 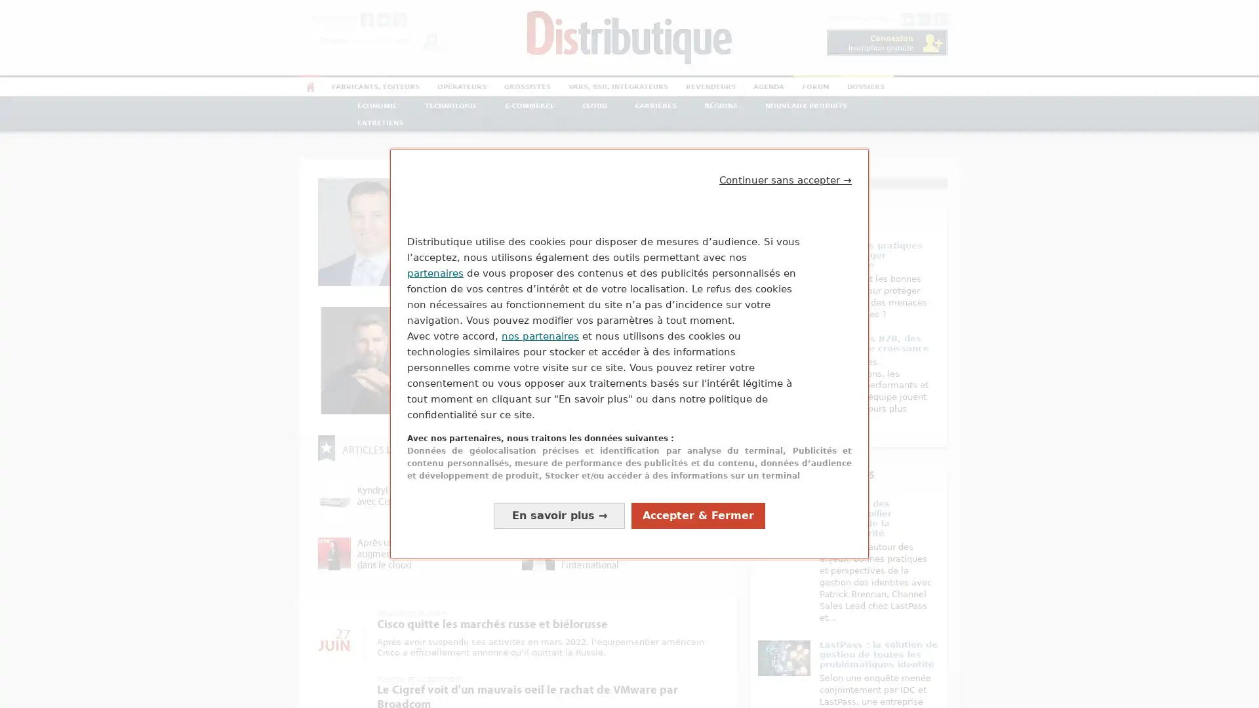 I want to click on Continuer sans accepter, so click(x=786, y=161).